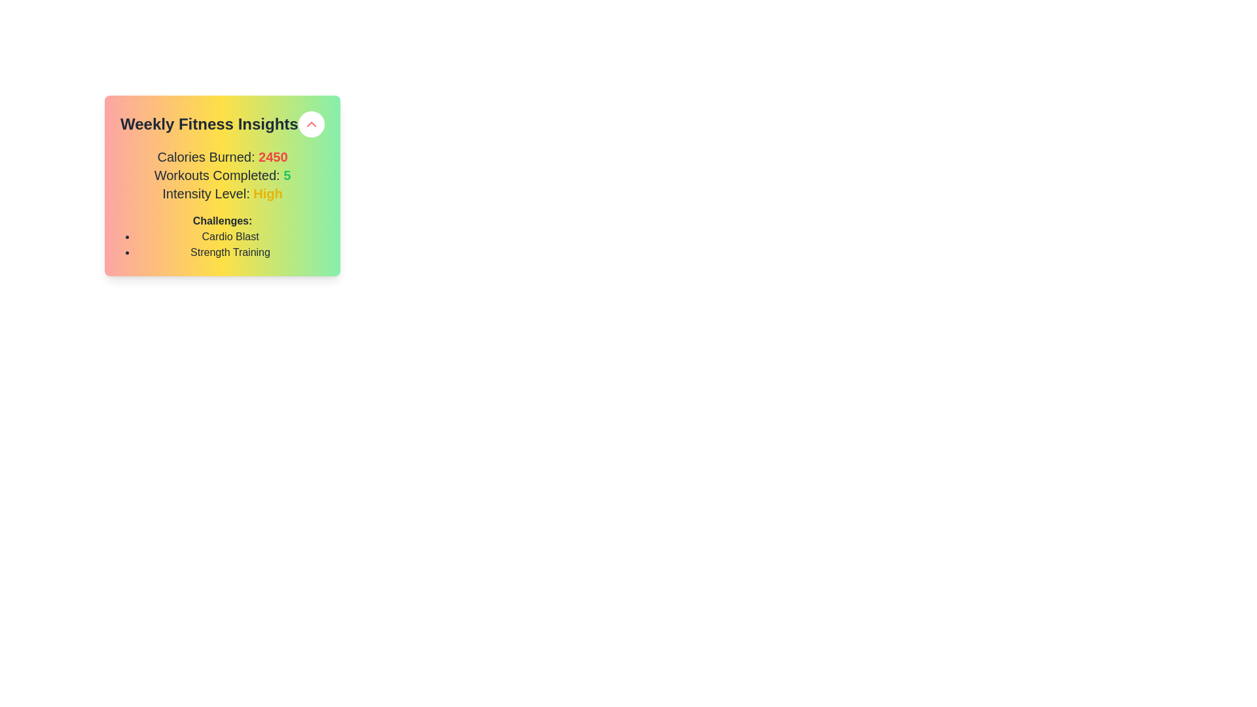  What do you see at coordinates (310, 124) in the screenshot?
I see `the interactive button located at the top-right corner of the 'Weekly Fitness Insights' card` at bounding box center [310, 124].